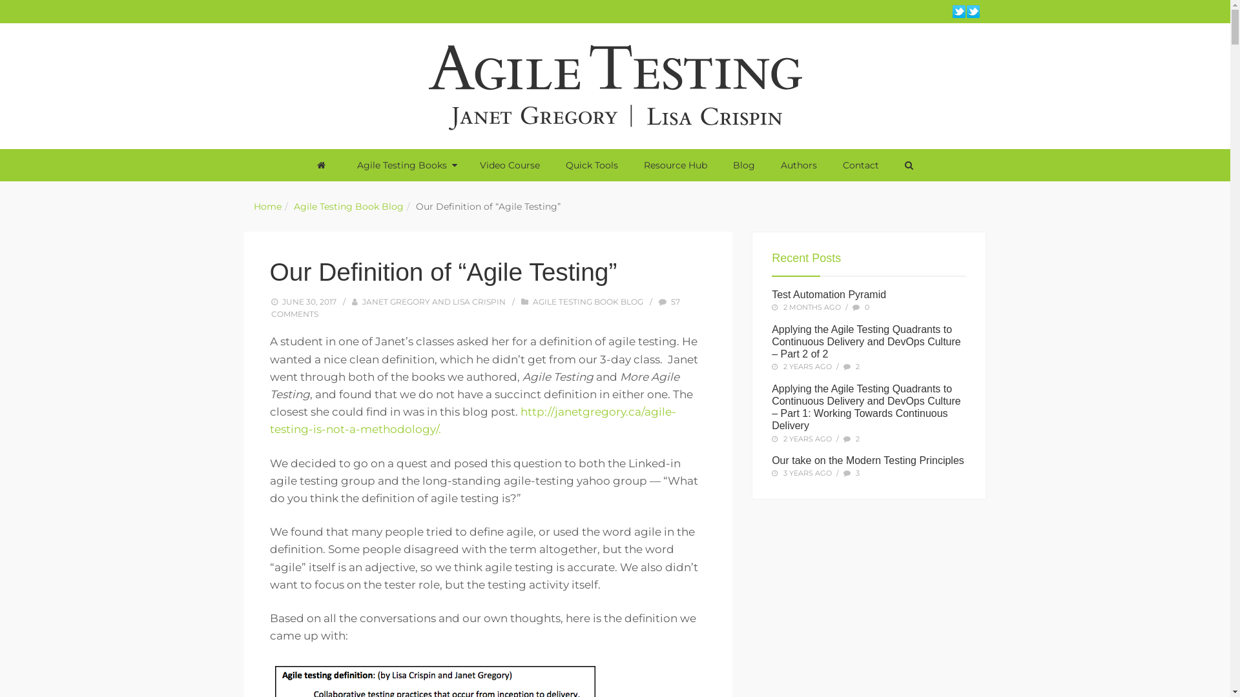  What do you see at coordinates (868, 460) in the screenshot?
I see `'Our take on the Modern Testing Principles'` at bounding box center [868, 460].